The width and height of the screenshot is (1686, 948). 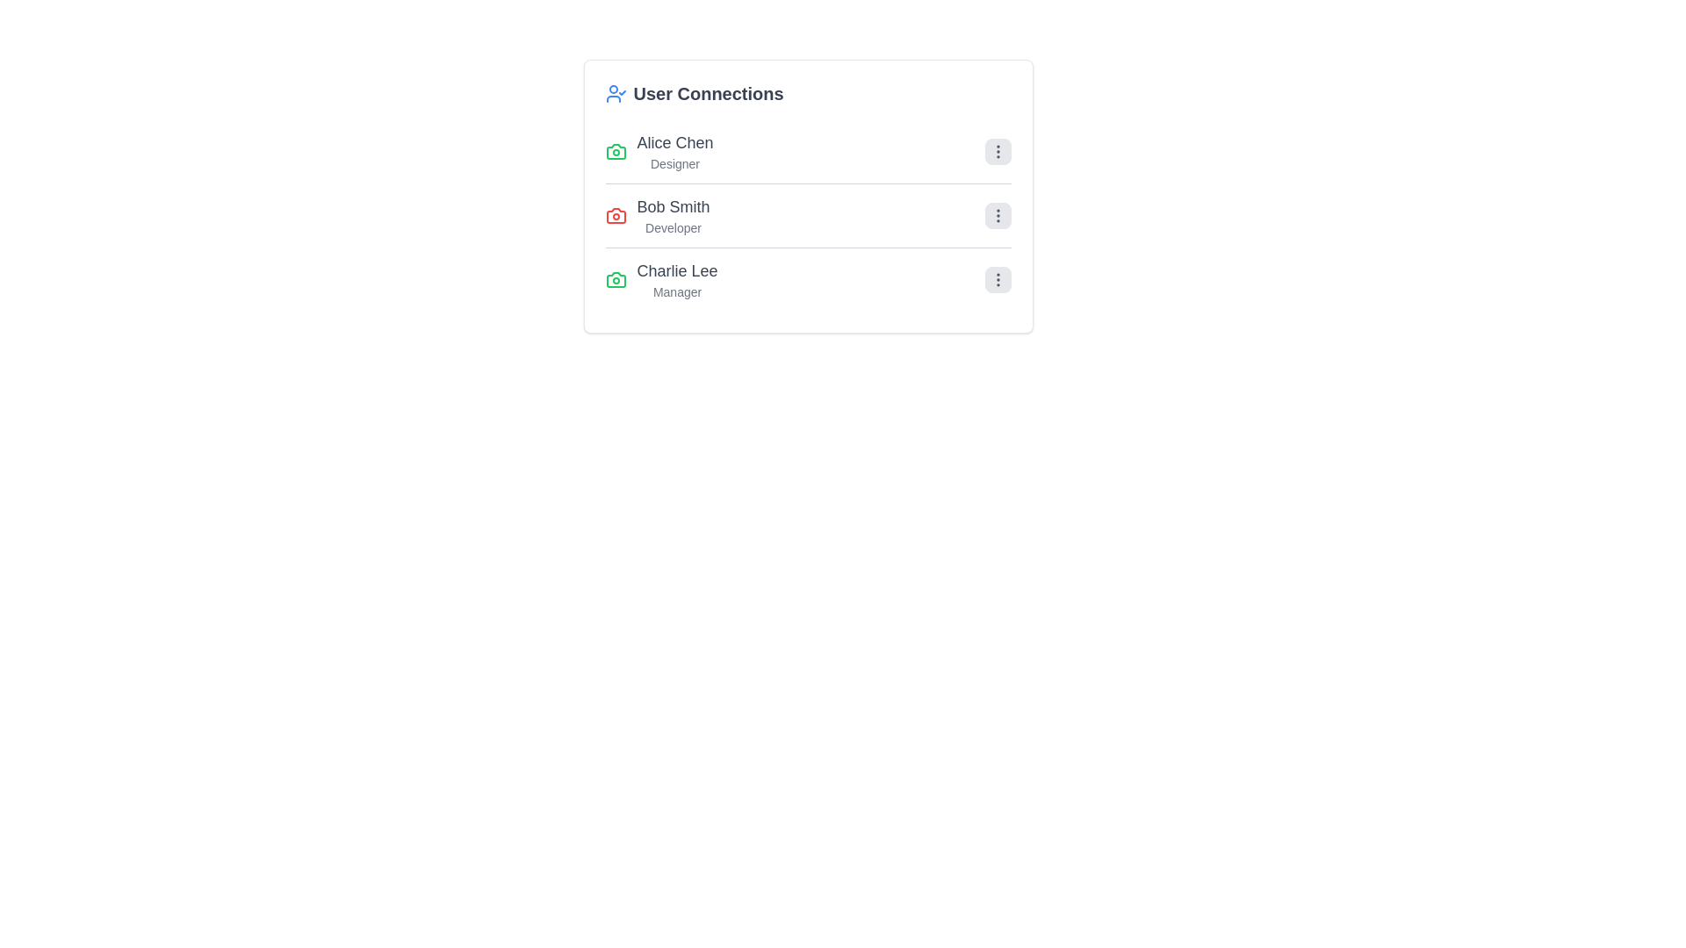 What do you see at coordinates (616, 215) in the screenshot?
I see `the red camera icon with rounded edges and a circular lens, located to the immediate left of the text 'Bob Smith' in the 'User Connections' list` at bounding box center [616, 215].